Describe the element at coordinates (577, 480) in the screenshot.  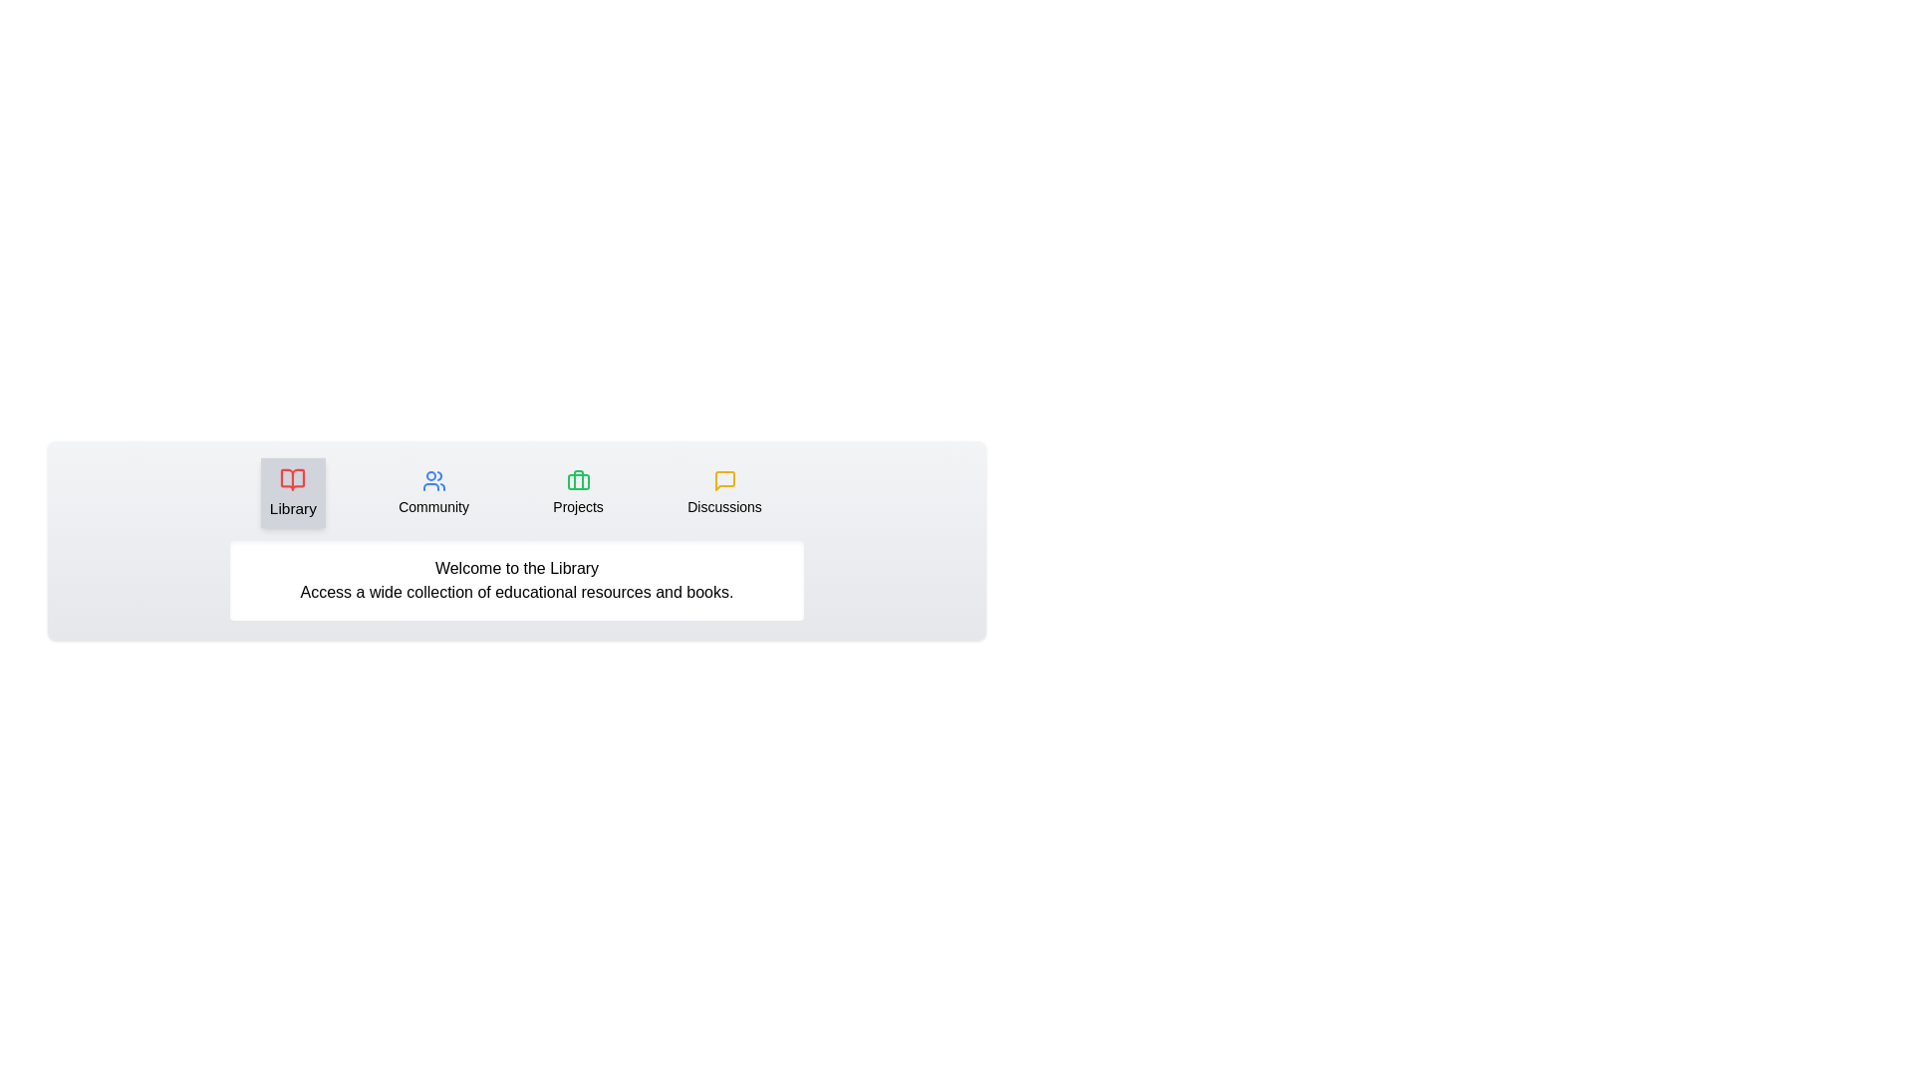
I see `the 'Projects' icon located above the text element 'Projects' for accessibility tools` at that location.